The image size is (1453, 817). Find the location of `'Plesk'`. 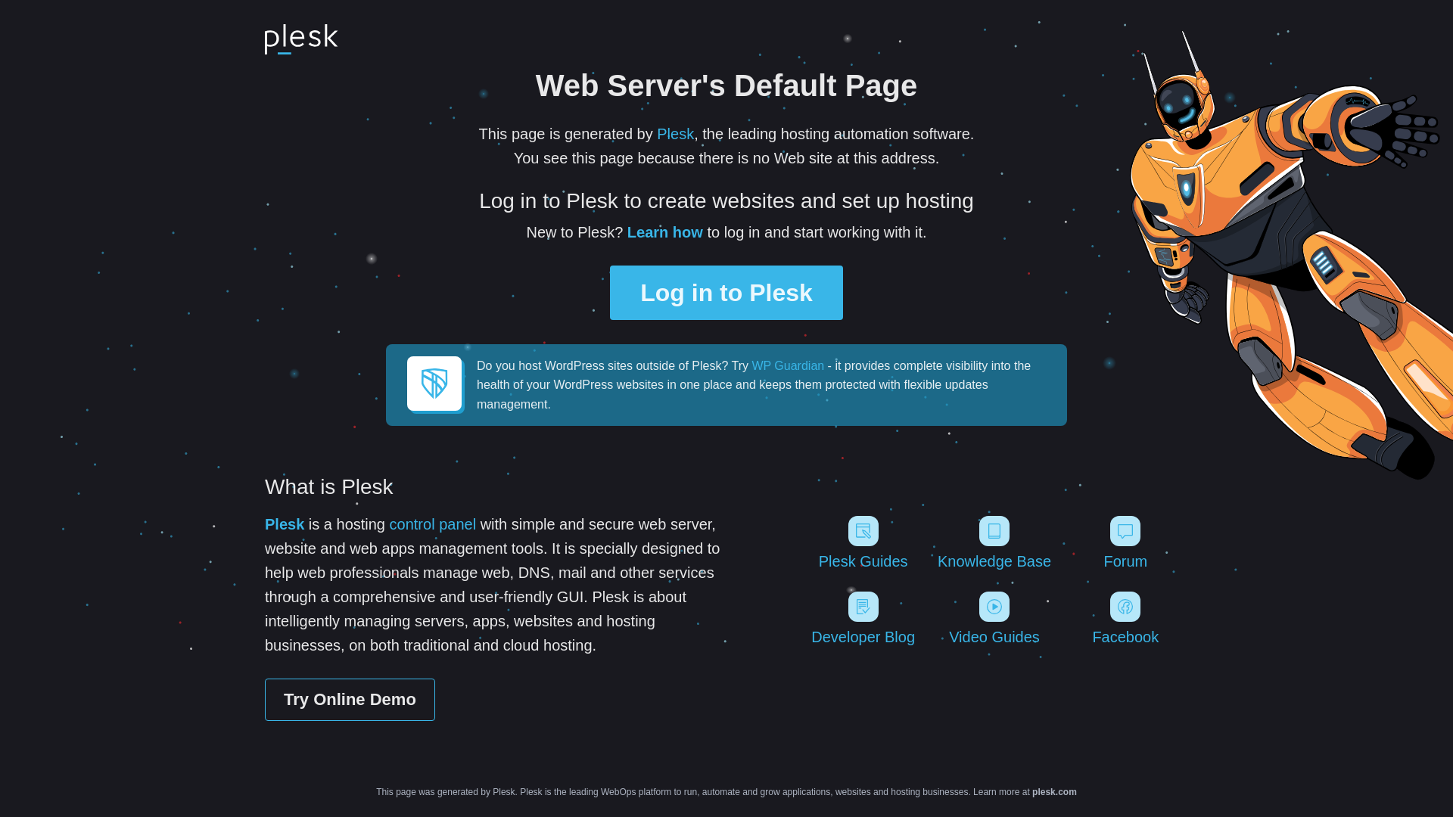

'Plesk' is located at coordinates (265, 523).